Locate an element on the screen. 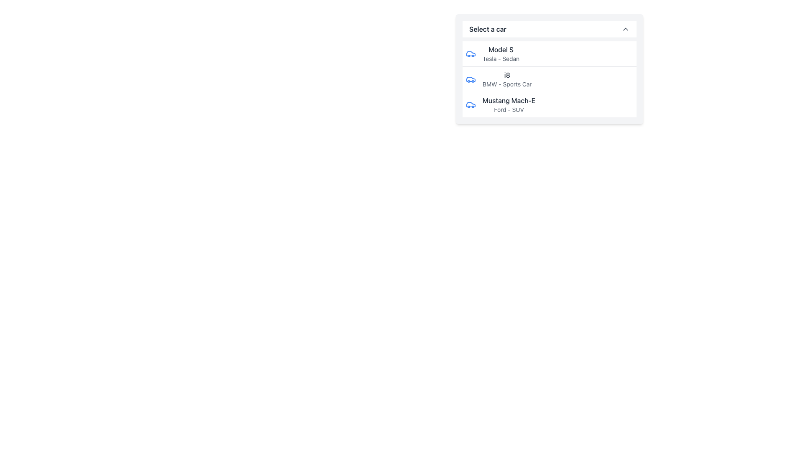 This screenshot has width=803, height=451. the third selectable list item displaying 'Mustang Mach-E' in a dropdown menu is located at coordinates (550, 104).